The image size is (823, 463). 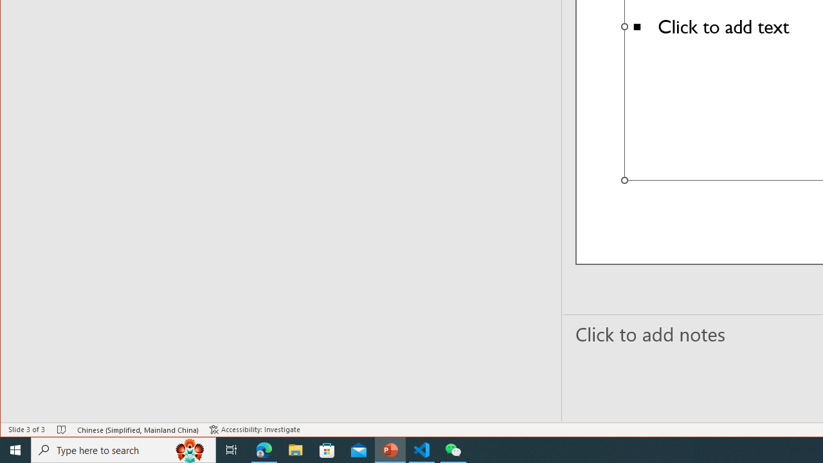 What do you see at coordinates (264, 449) in the screenshot?
I see `'Microsoft Edge - 1 running window'` at bounding box center [264, 449].